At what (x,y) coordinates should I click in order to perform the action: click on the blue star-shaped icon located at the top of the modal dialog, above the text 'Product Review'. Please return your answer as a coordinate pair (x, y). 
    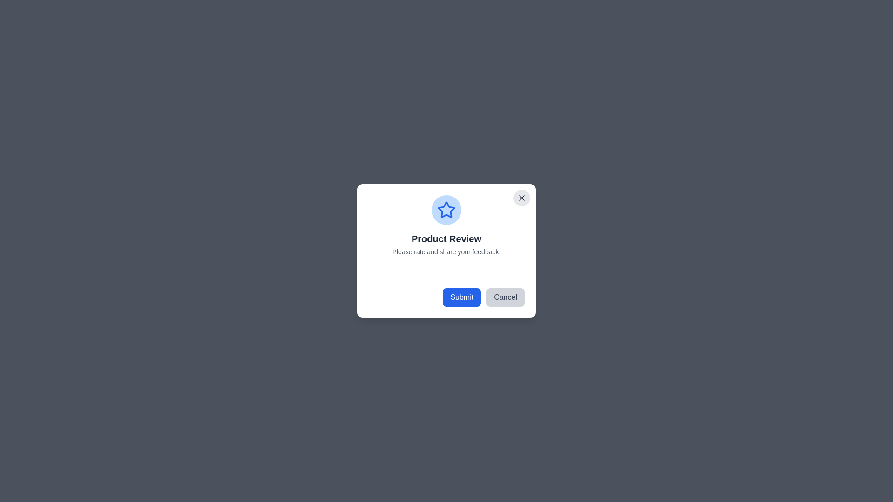
    Looking at the image, I should click on (446, 210).